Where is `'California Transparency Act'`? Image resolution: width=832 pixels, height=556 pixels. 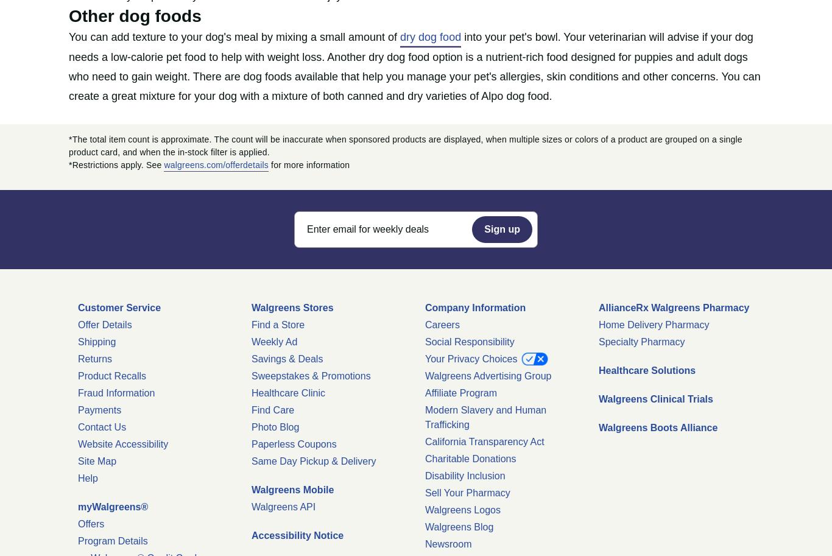 'California Transparency Act' is located at coordinates (484, 441).